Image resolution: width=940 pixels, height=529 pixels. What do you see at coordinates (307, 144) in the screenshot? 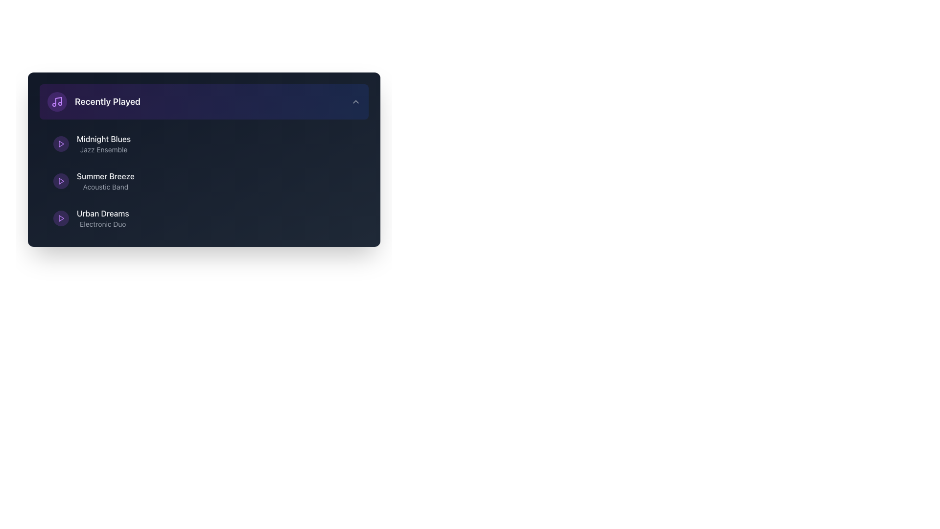
I see `the circular button with a hover effect located near the right end of the 'Midnight Blues' entry in the 'Recently Played' section` at bounding box center [307, 144].